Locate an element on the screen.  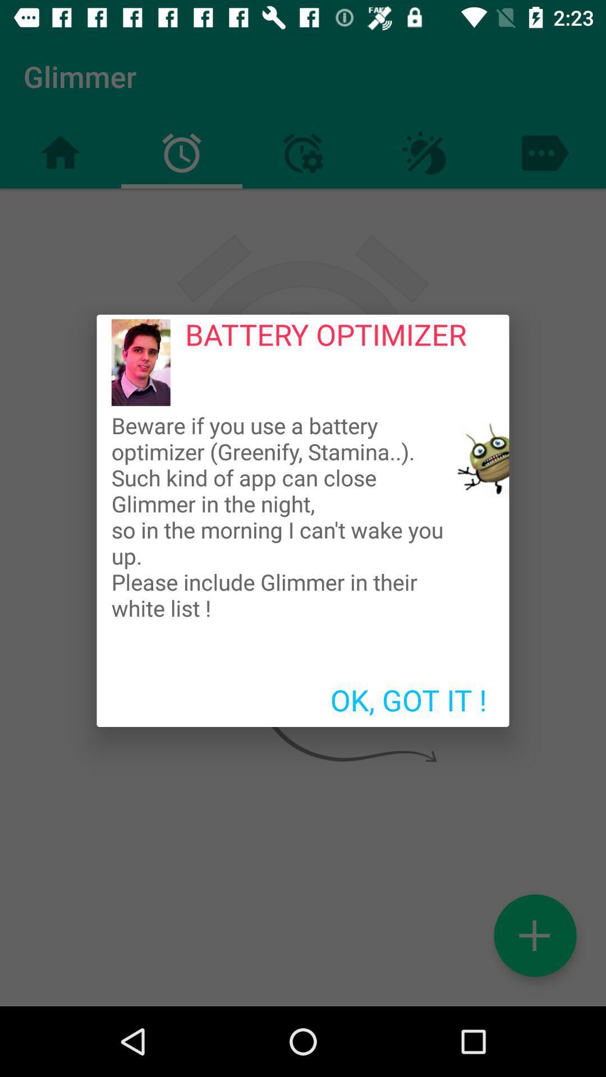
the icon below beware if you icon is located at coordinates (408, 699).